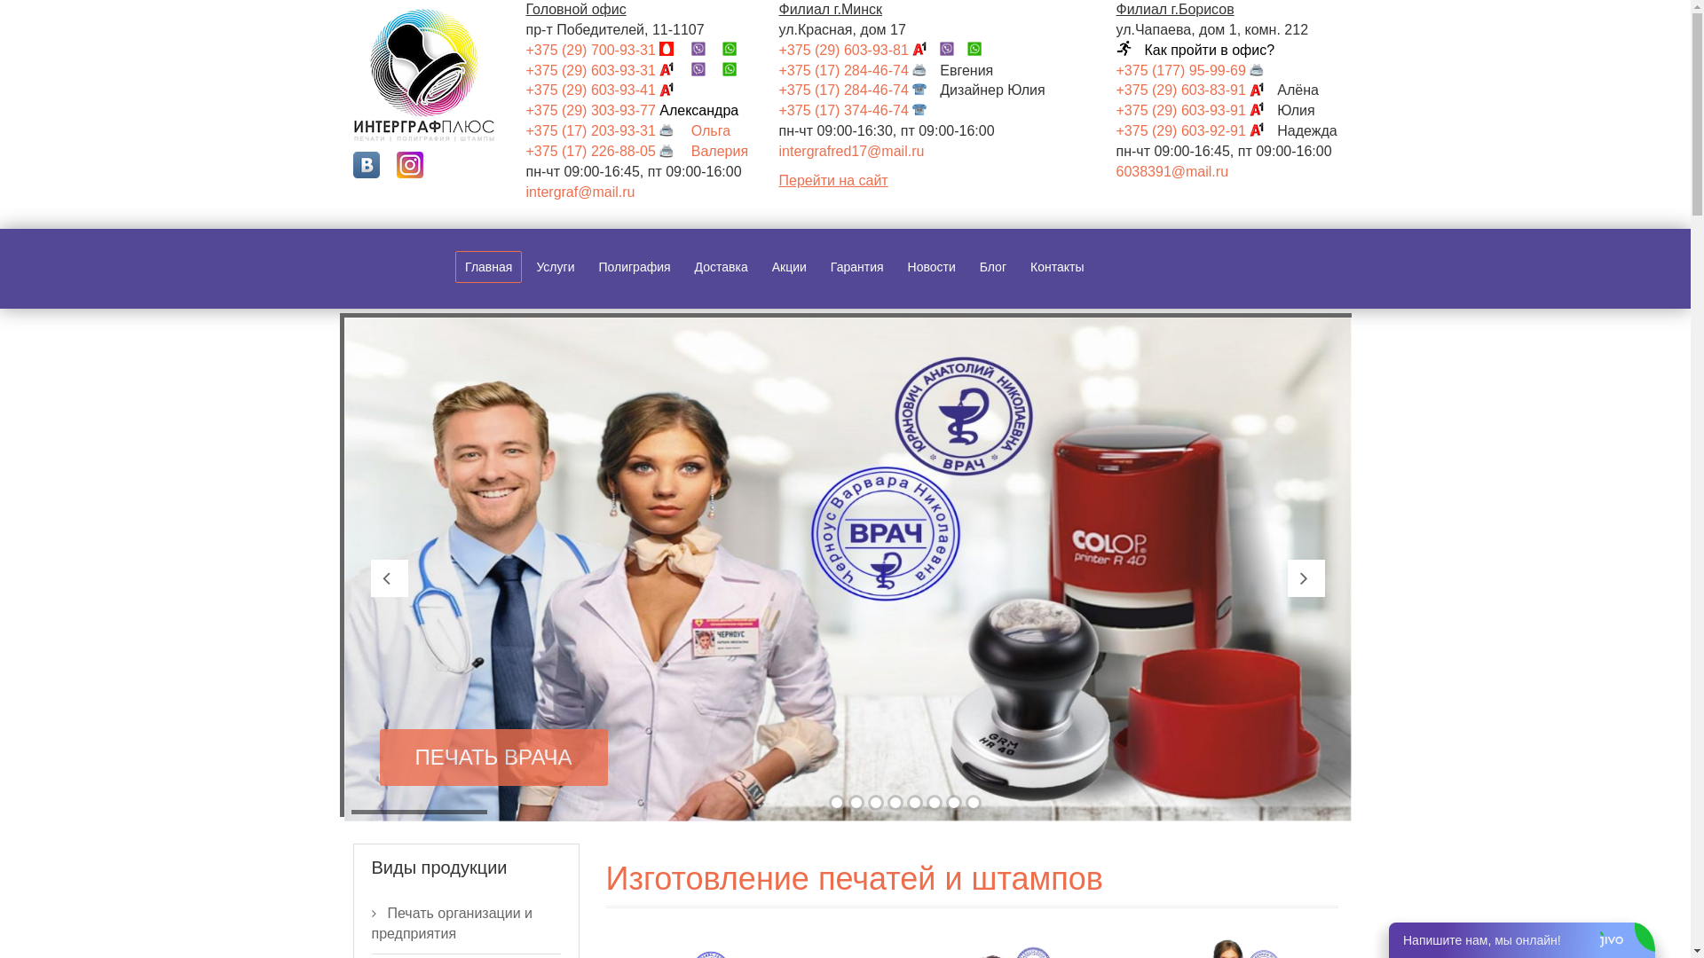 The height and width of the screenshot is (958, 1704). Describe the element at coordinates (852, 150) in the screenshot. I see `'intergrafred17@mail.ru'` at that location.